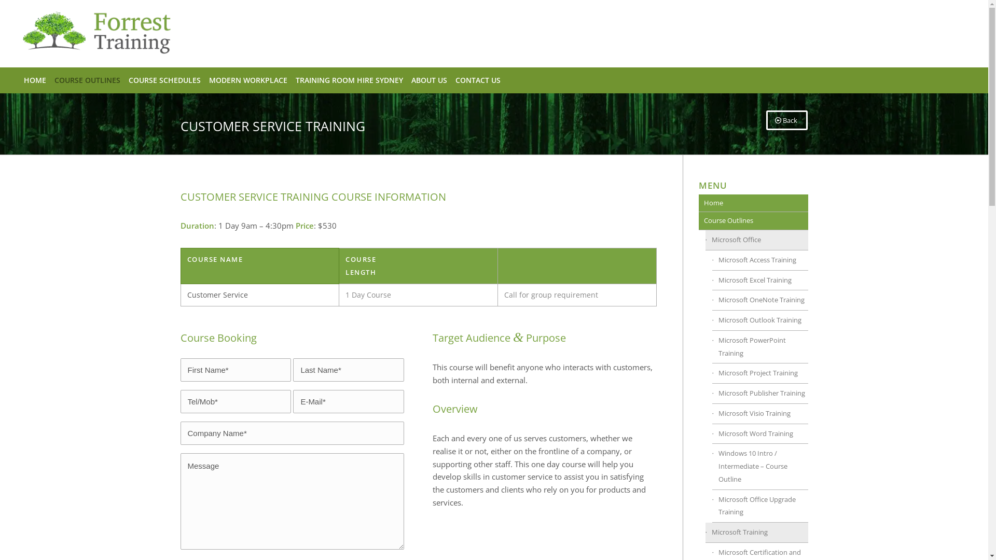 The height and width of the screenshot is (560, 996). What do you see at coordinates (407, 79) in the screenshot?
I see `'ABOUT US'` at bounding box center [407, 79].